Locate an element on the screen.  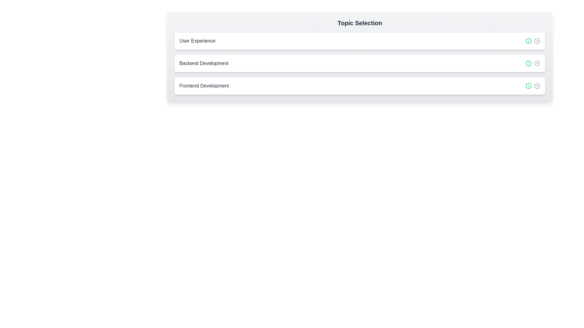
the chip labeled 'User Experience' to observe the hover effect is located at coordinates (360, 41).